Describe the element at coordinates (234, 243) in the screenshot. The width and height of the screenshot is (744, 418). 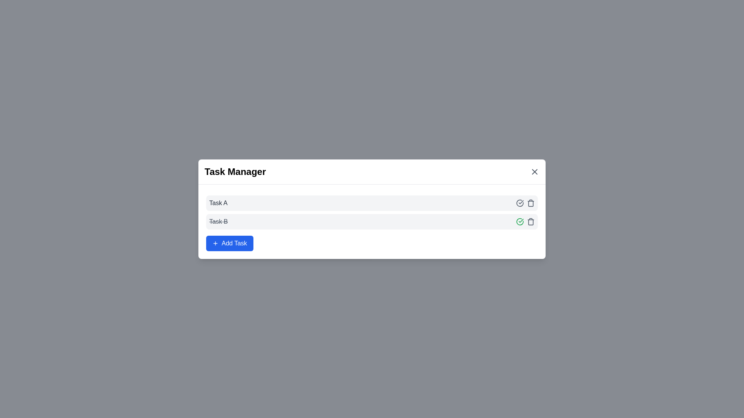
I see `the 'Add Task' text label which is part of a blue rectangular button in the 'Task Manager' modal` at that location.